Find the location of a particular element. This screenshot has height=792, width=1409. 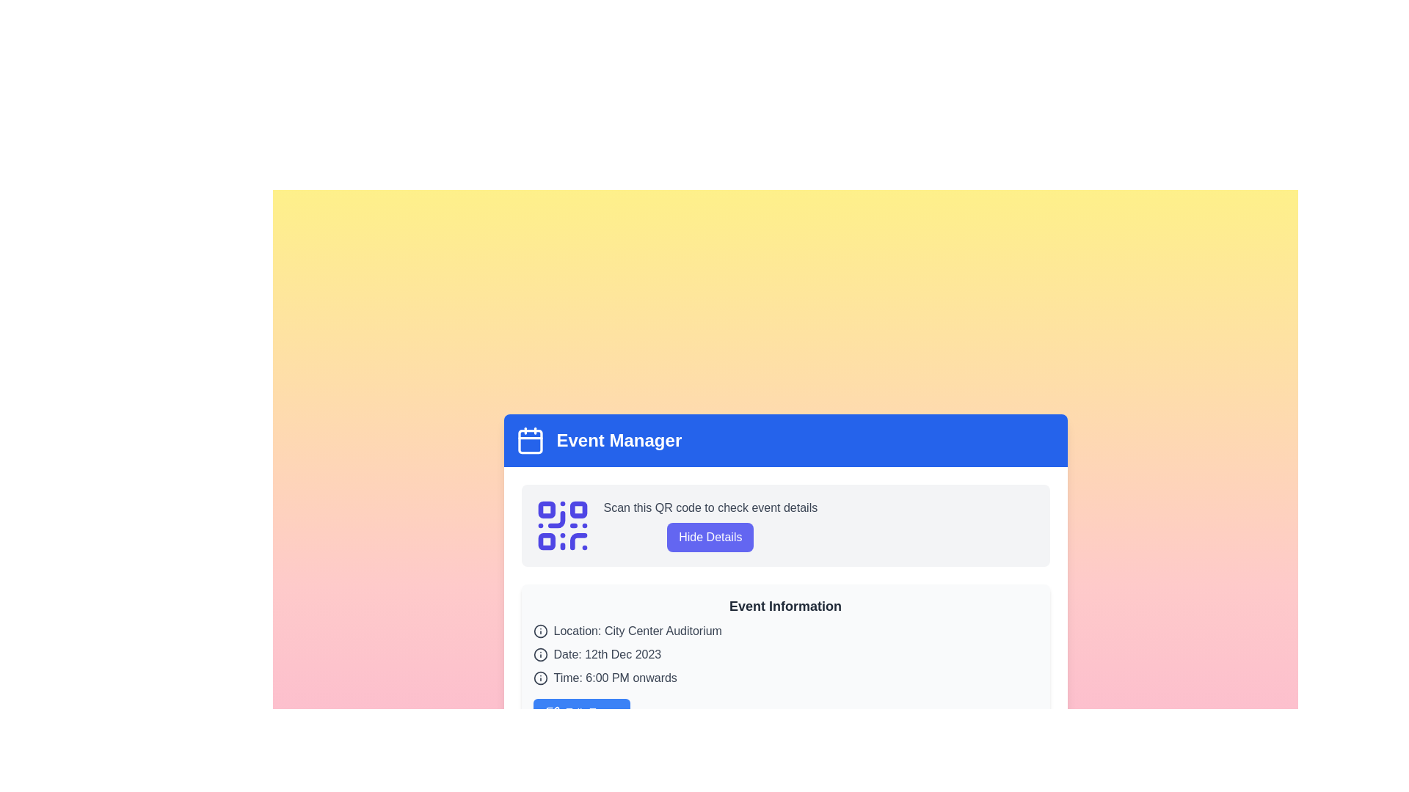

text from the text label that serves as a title or heading for managing events, located to the right of a calendar icon in the blue header section is located at coordinates (619, 440).